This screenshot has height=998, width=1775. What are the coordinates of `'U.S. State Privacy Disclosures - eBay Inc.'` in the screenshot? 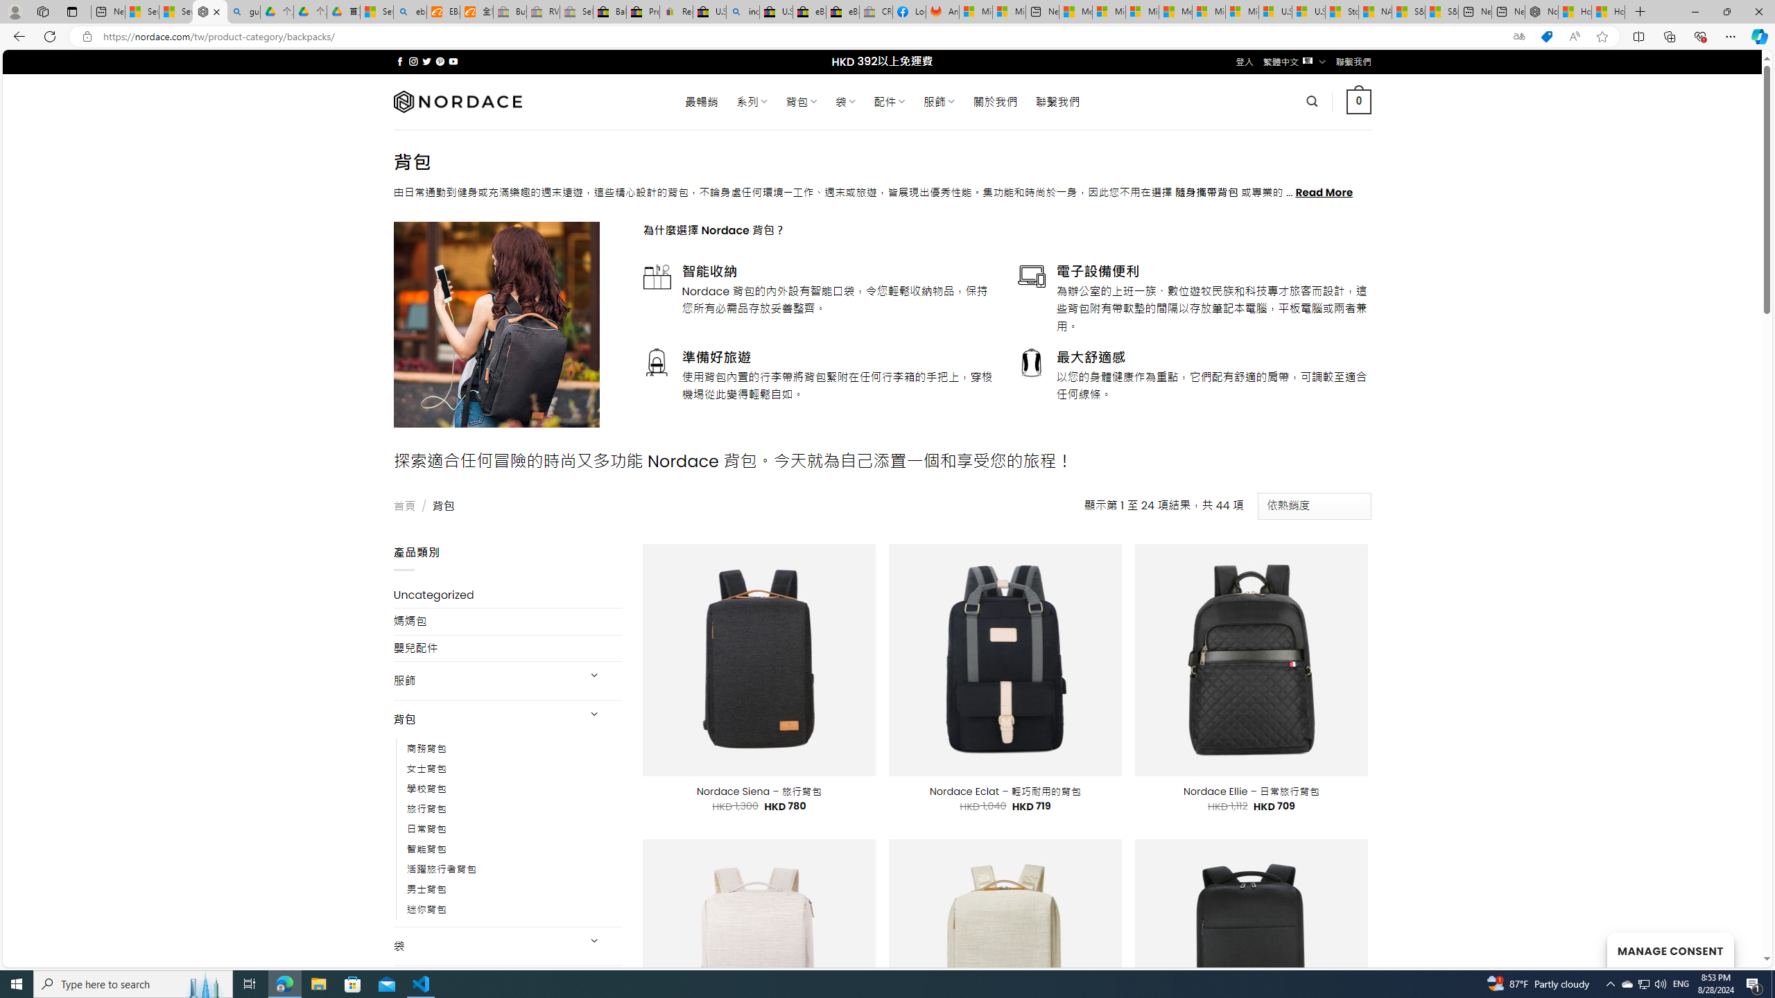 It's located at (777, 11).